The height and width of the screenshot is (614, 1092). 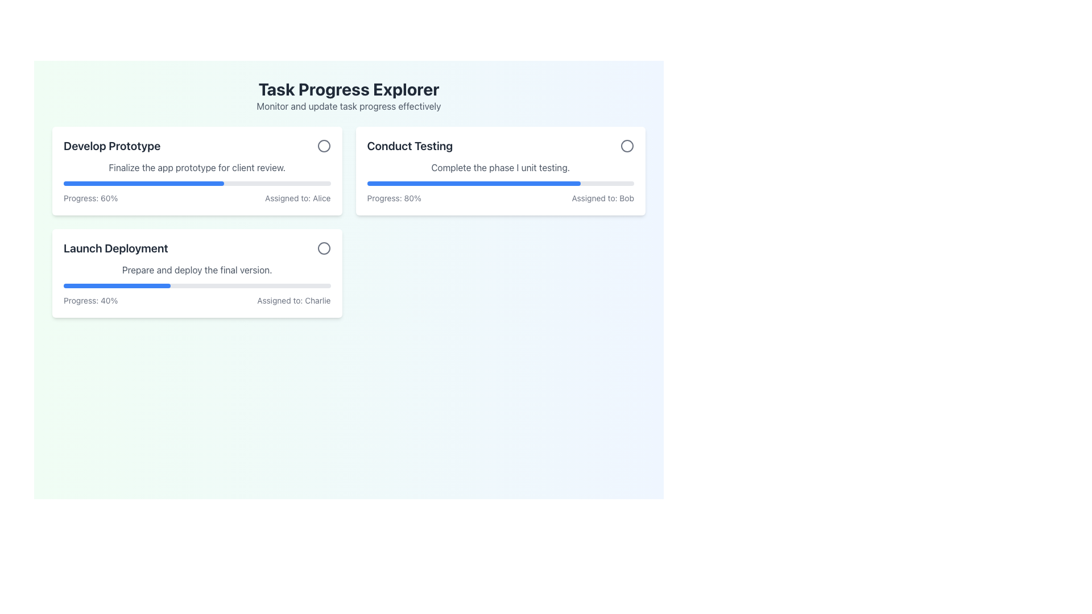 I want to click on the non-interactive text label indicating the name of the person assigned to the task 'Launch Deployment', located at the bottom-right corner of the 'Launch Deployment' card, so click(x=293, y=300).